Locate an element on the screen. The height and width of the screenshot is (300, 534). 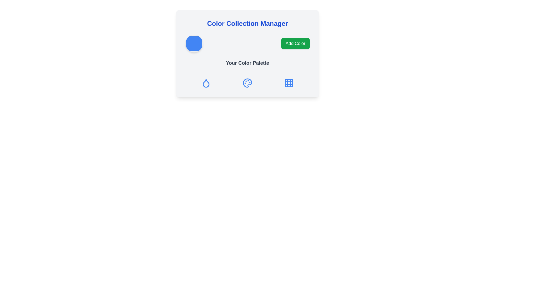
the Text Label that serves as a title or descriptor for the section within the 'Color Collection Manager' panel is located at coordinates (247, 65).